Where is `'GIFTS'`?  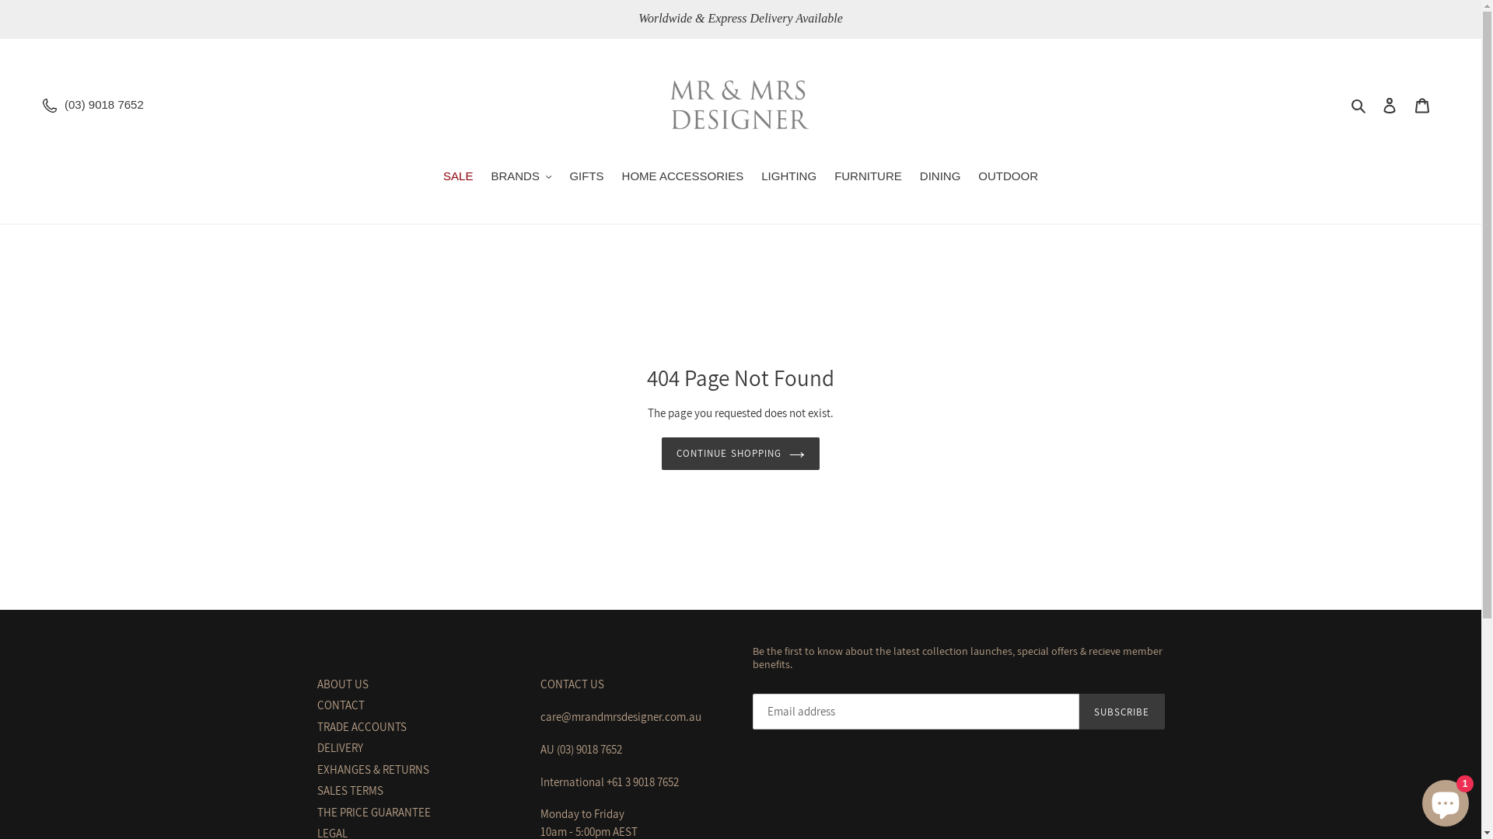
'GIFTS' is located at coordinates (585, 176).